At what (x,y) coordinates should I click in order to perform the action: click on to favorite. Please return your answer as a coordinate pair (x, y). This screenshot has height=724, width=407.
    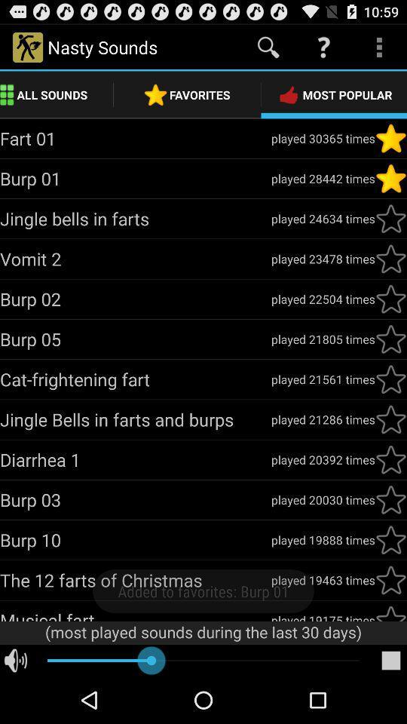
    Looking at the image, I should click on (390, 259).